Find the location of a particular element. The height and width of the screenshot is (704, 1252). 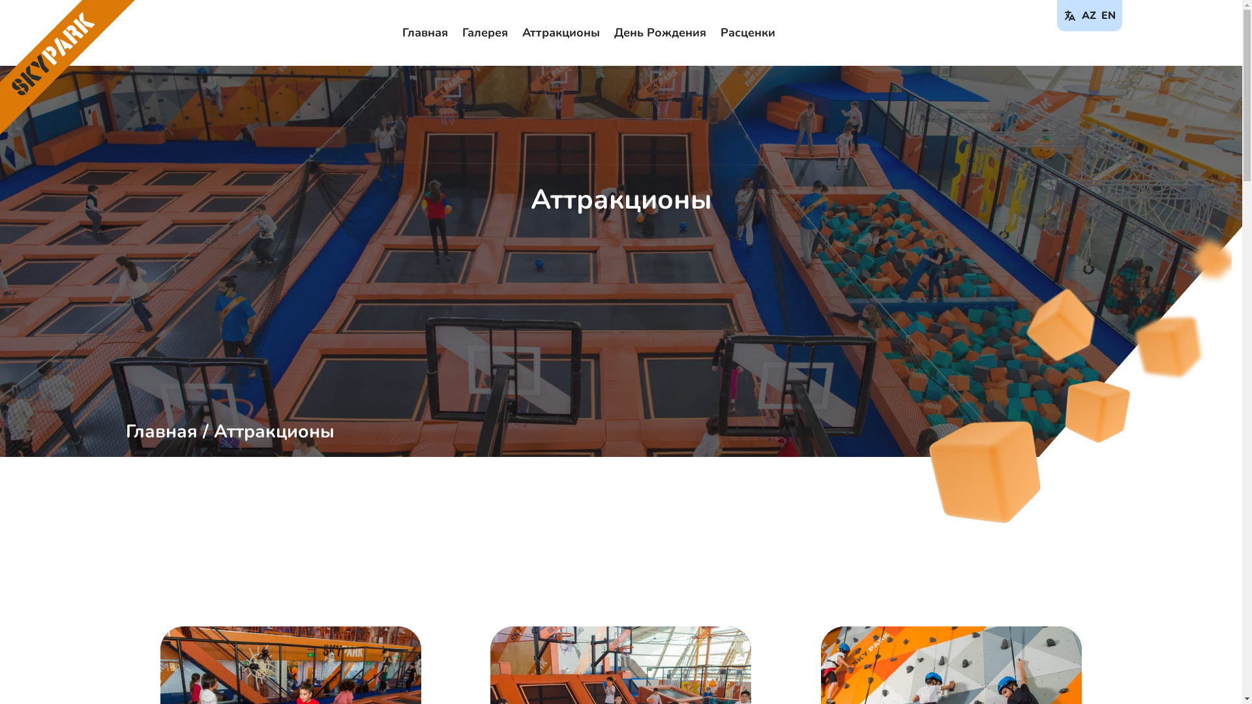

'EN' is located at coordinates (1107, 15).